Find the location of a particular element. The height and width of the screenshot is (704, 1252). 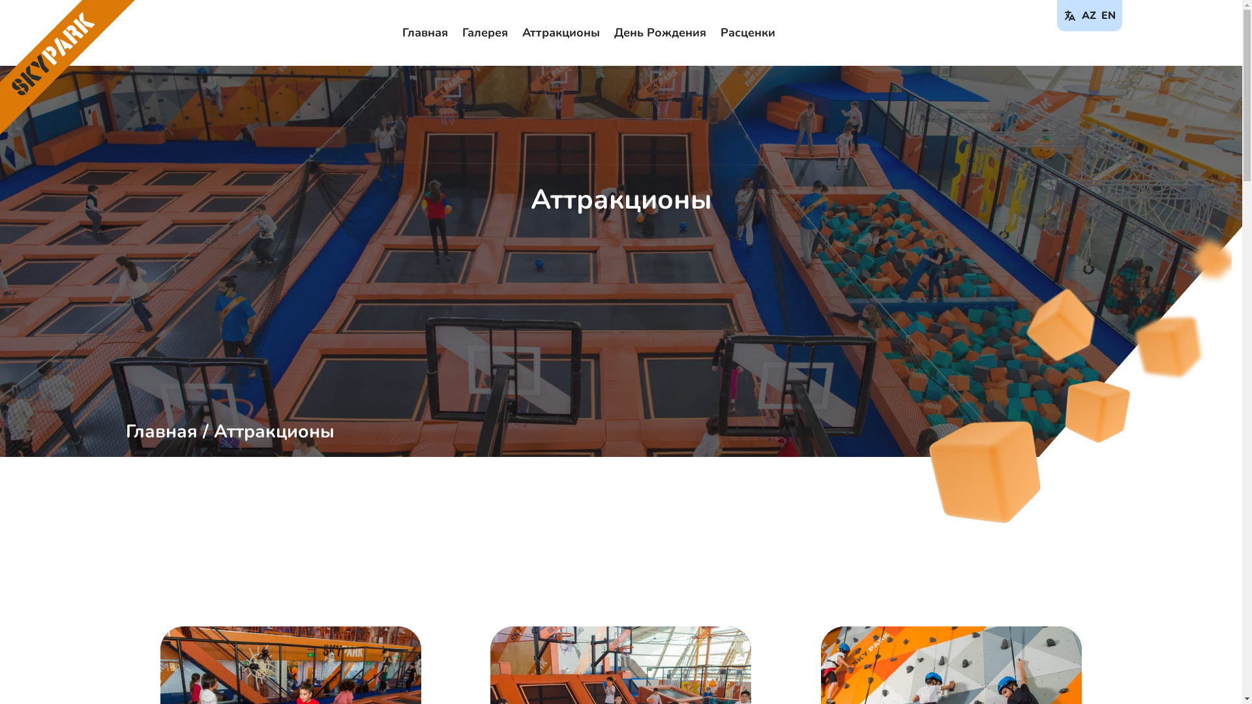

'EN' is located at coordinates (1107, 15).